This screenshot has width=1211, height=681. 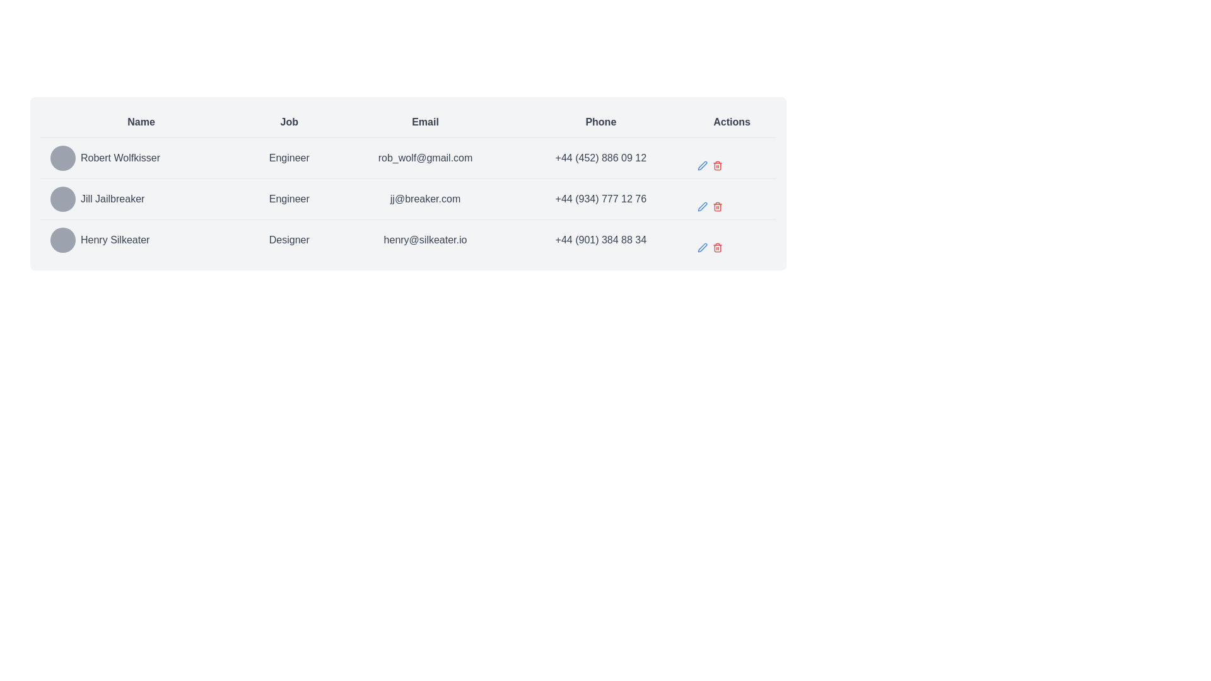 What do you see at coordinates (288, 199) in the screenshot?
I see `displayed text from the non-interactive label showing the job title 'Engineer' for the user 'Jill Jailbreaker', located in the second row under the 'Job' column` at bounding box center [288, 199].